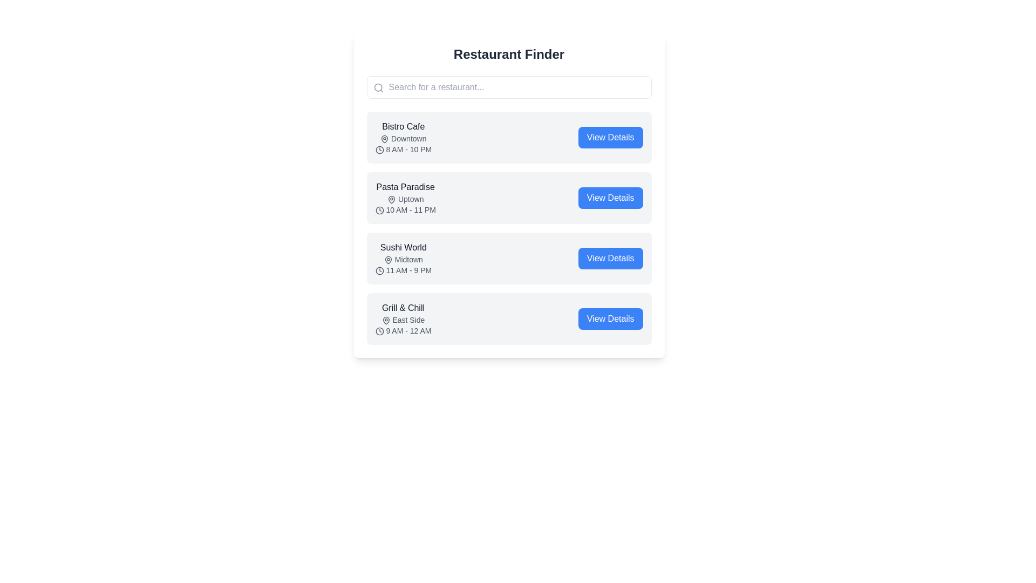  I want to click on the first informational label that provides details about a restaurant, including its name, location, and operation hours, which is located at the top of the vertical list of restaurant entries, so click(403, 137).